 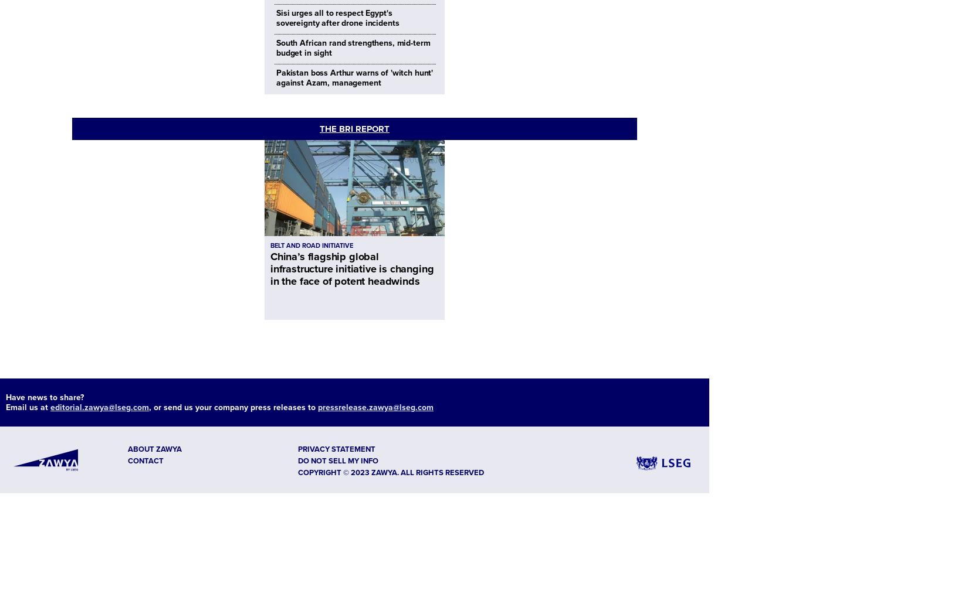 I want to click on 'South African rand strengthens, mid-term budget in sight', so click(x=276, y=47).